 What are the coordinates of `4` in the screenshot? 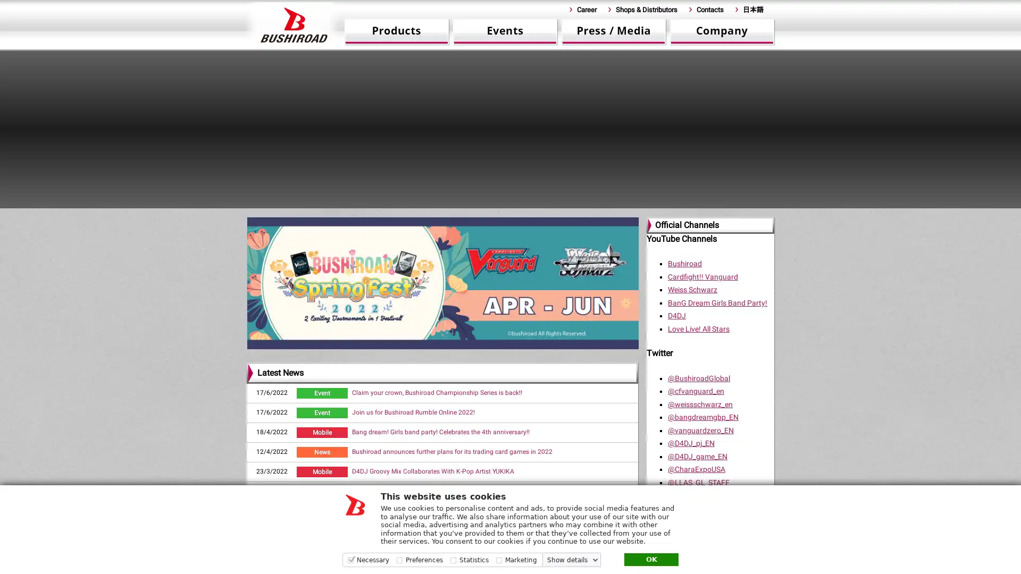 It's located at (439, 204).